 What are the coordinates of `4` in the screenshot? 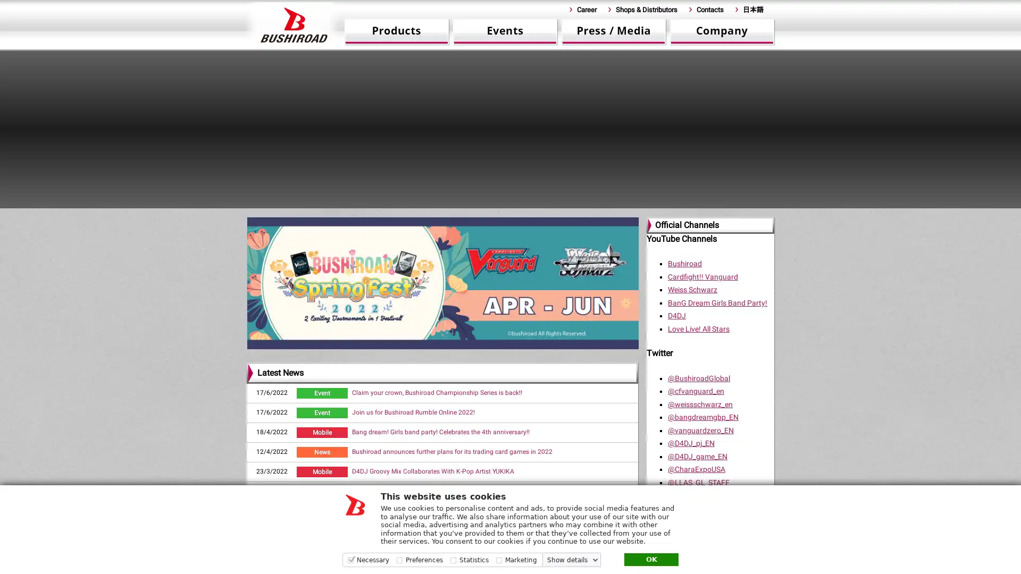 It's located at (439, 204).